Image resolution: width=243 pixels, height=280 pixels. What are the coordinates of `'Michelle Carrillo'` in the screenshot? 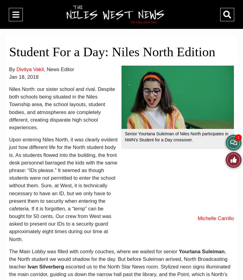 It's located at (215, 218).